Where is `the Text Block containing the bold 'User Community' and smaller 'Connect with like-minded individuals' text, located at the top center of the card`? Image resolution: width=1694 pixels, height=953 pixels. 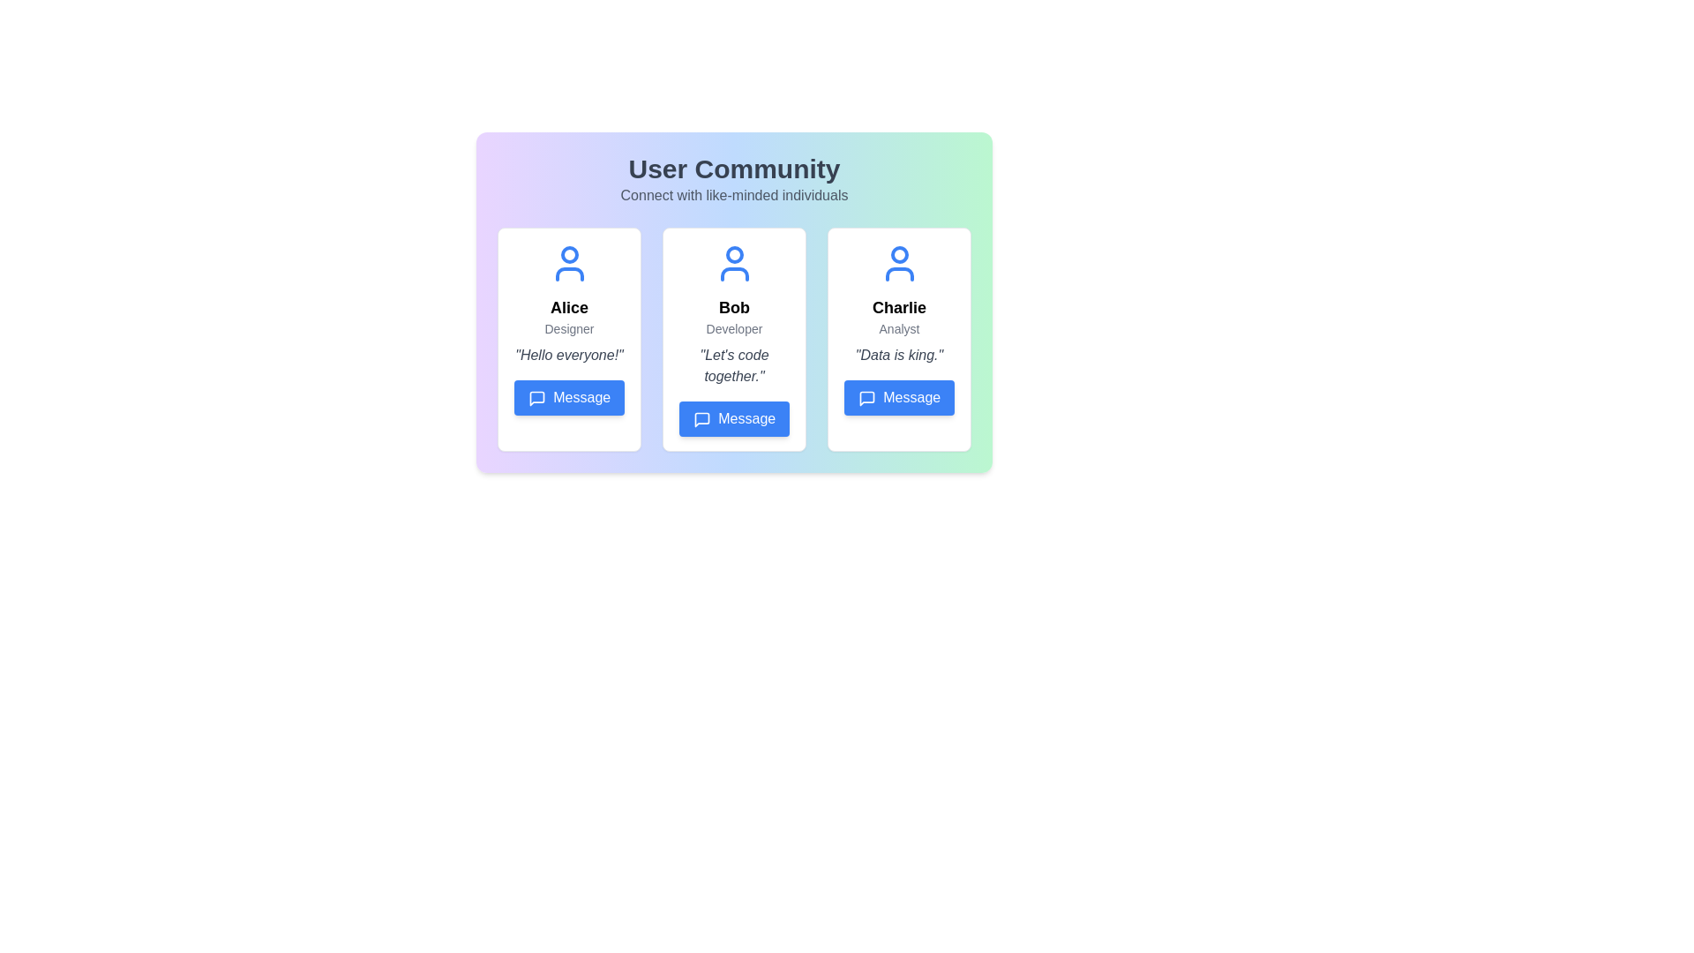
the Text Block containing the bold 'User Community' and smaller 'Connect with like-minded individuals' text, located at the top center of the card is located at coordinates (734, 180).